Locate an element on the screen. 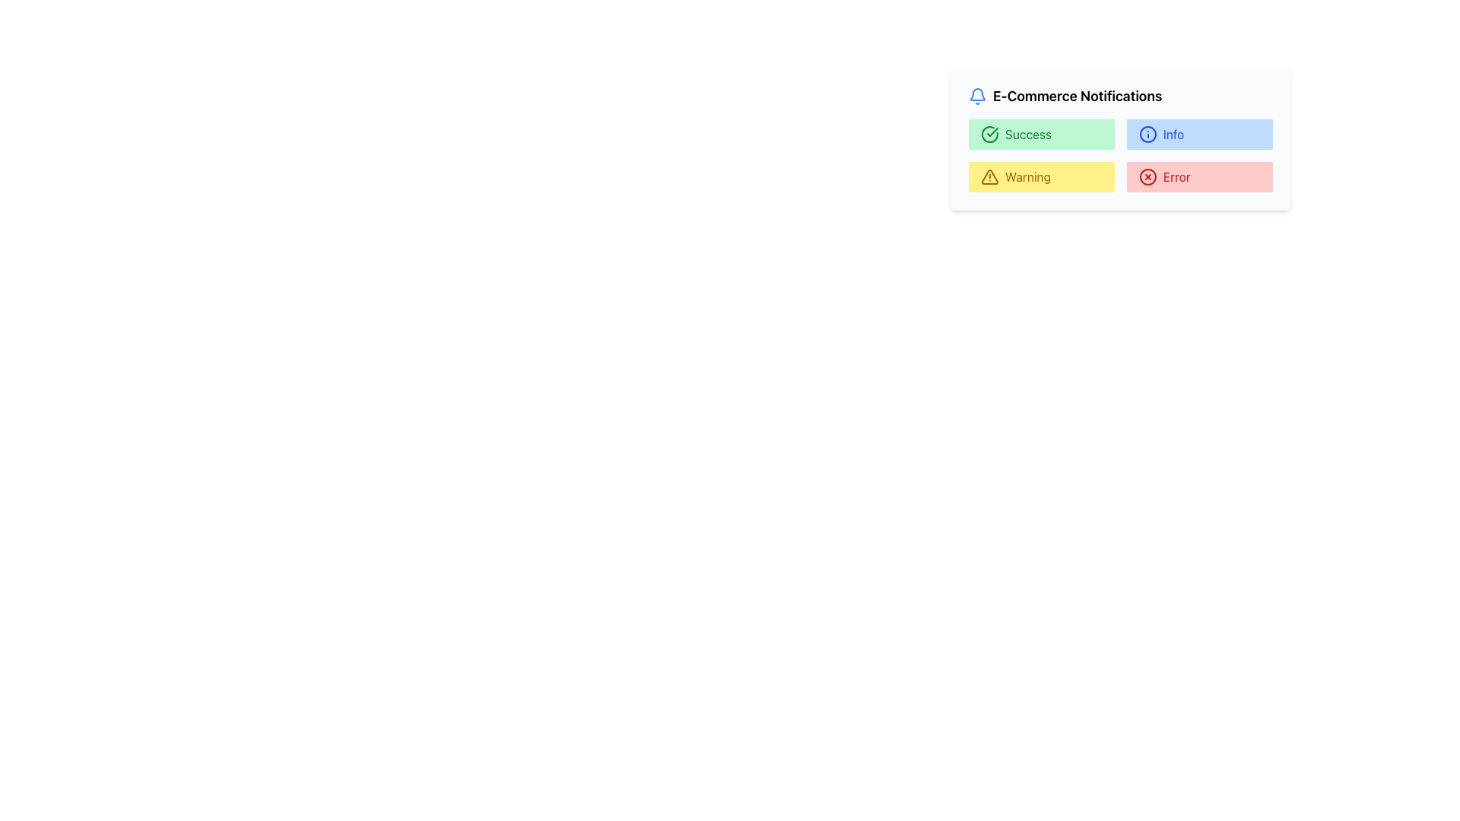 Image resolution: width=1460 pixels, height=821 pixels. the Interactive Button Group consisting of a yellow 'Warning' box and a red 'Error' box is located at coordinates (1120, 176).